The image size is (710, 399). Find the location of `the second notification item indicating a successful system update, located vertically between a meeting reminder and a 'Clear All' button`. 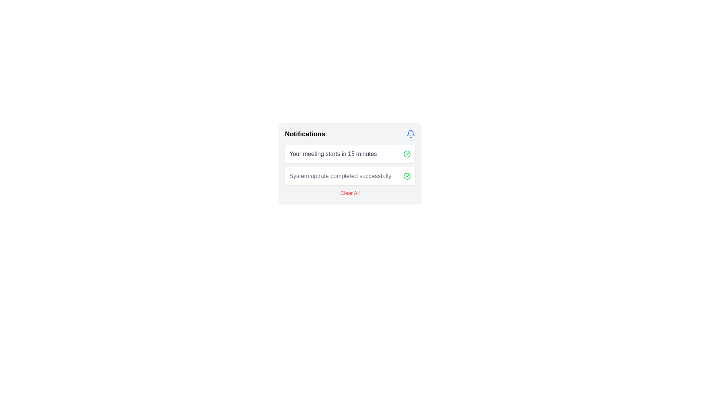

the second notification item indicating a successful system update, located vertically between a meeting reminder and a 'Clear All' button is located at coordinates (349, 176).